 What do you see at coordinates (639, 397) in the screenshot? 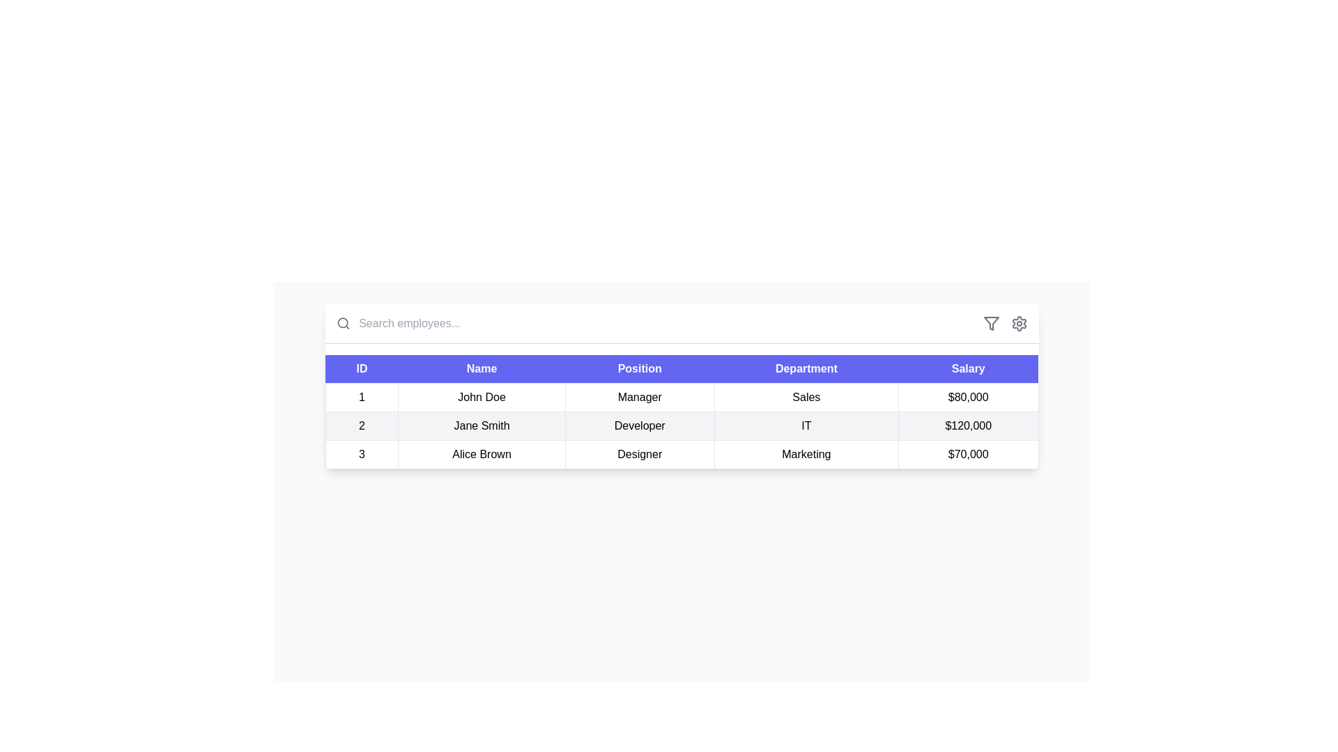
I see `text from the third cell in the first row of the table, which represents the job position of the individual named in the same row (to the right of 'John Doe' and to the left of 'Sales')` at bounding box center [639, 397].